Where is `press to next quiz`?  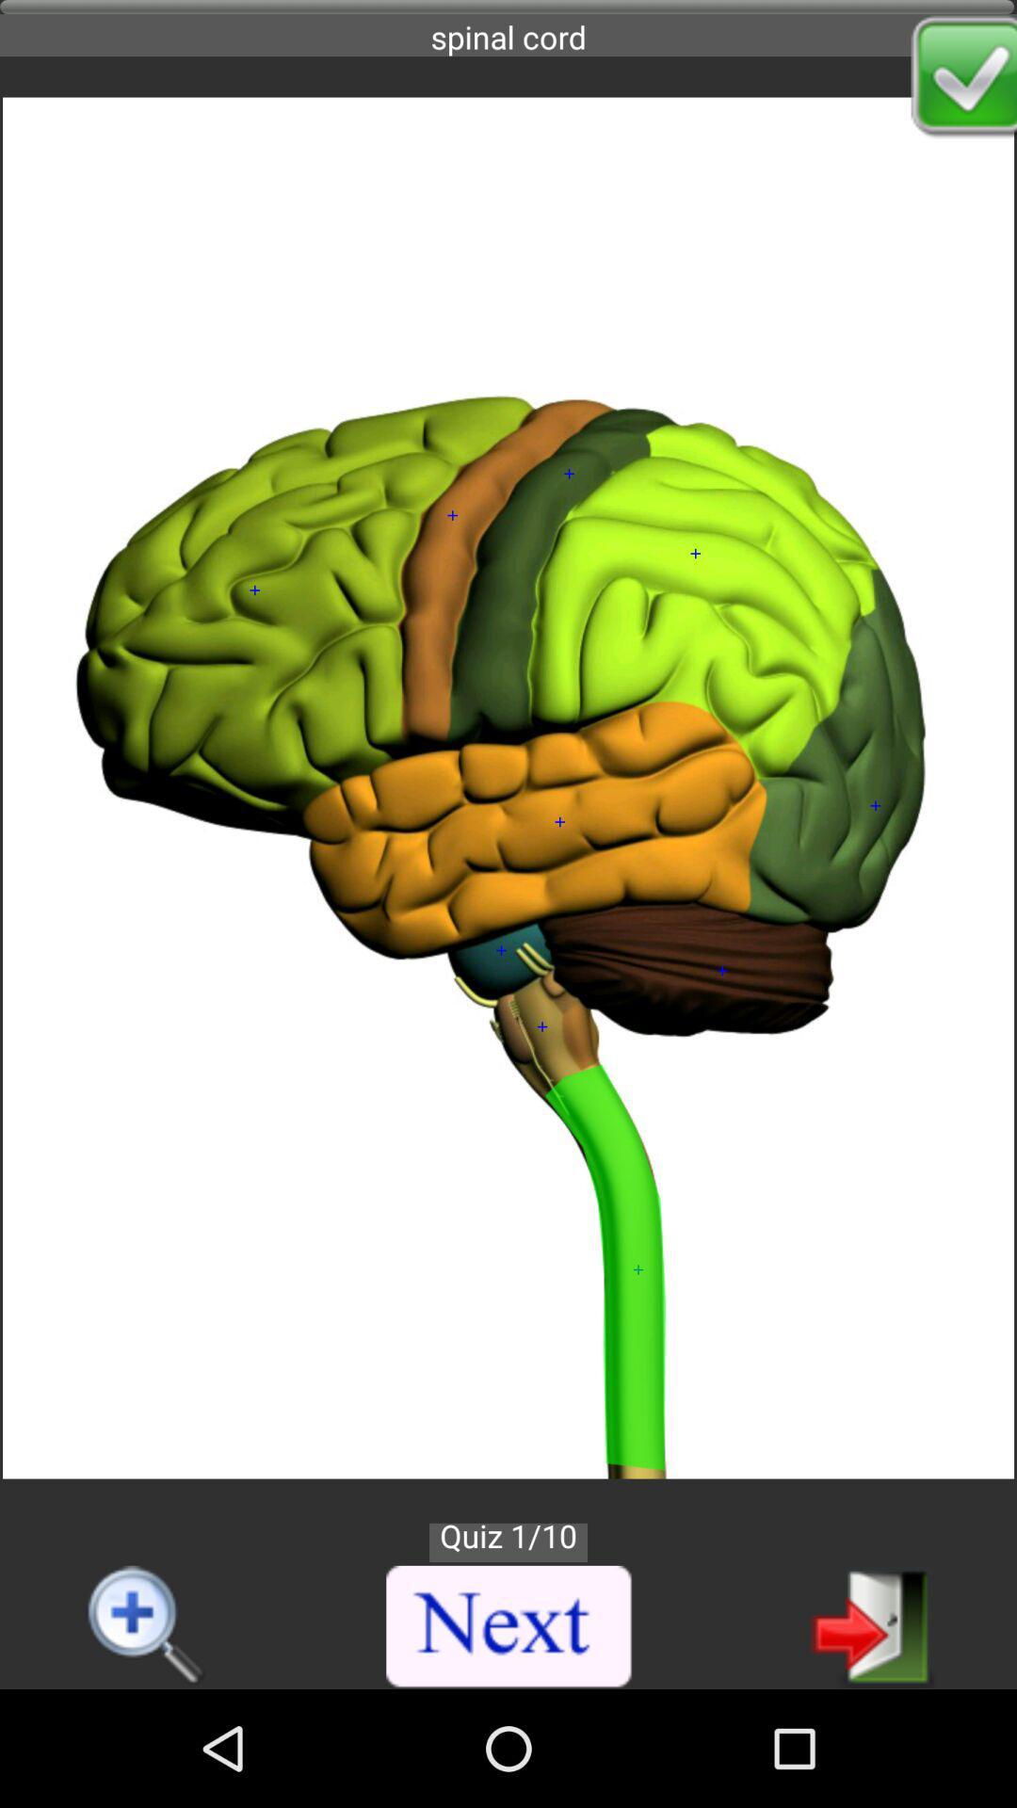
press to next quiz is located at coordinates (509, 1626).